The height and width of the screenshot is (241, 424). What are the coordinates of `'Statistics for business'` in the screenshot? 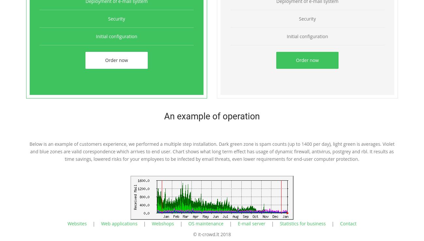 It's located at (279, 223).